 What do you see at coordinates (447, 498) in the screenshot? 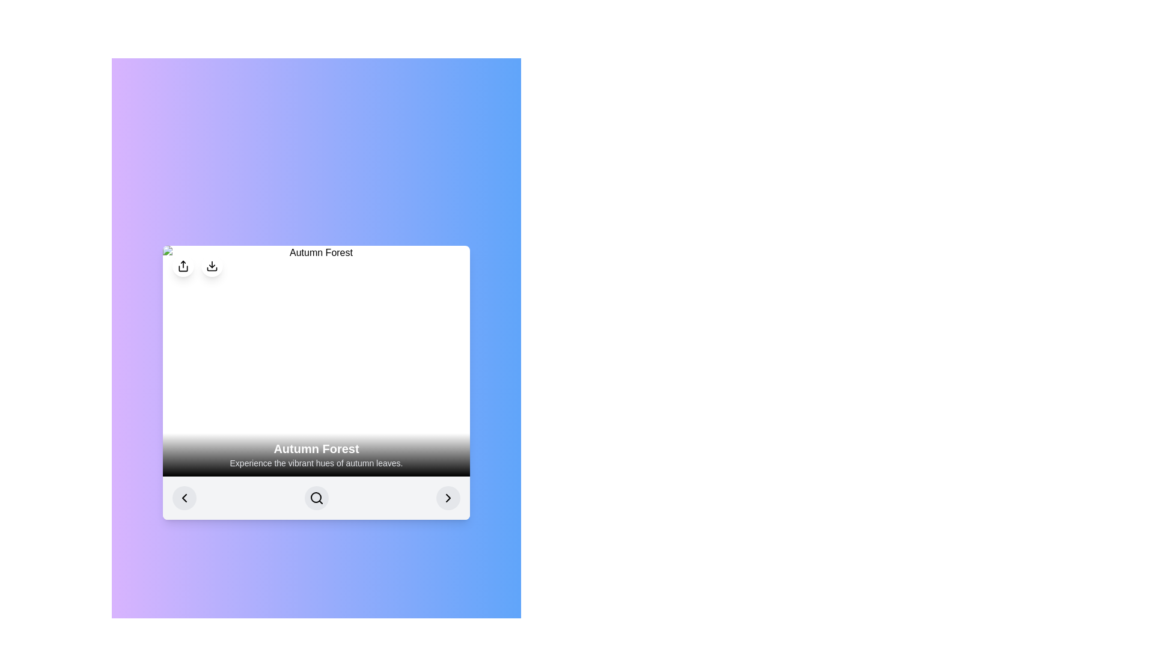
I see `the forward navigation button located at the rightmost side of the toolbar` at bounding box center [447, 498].